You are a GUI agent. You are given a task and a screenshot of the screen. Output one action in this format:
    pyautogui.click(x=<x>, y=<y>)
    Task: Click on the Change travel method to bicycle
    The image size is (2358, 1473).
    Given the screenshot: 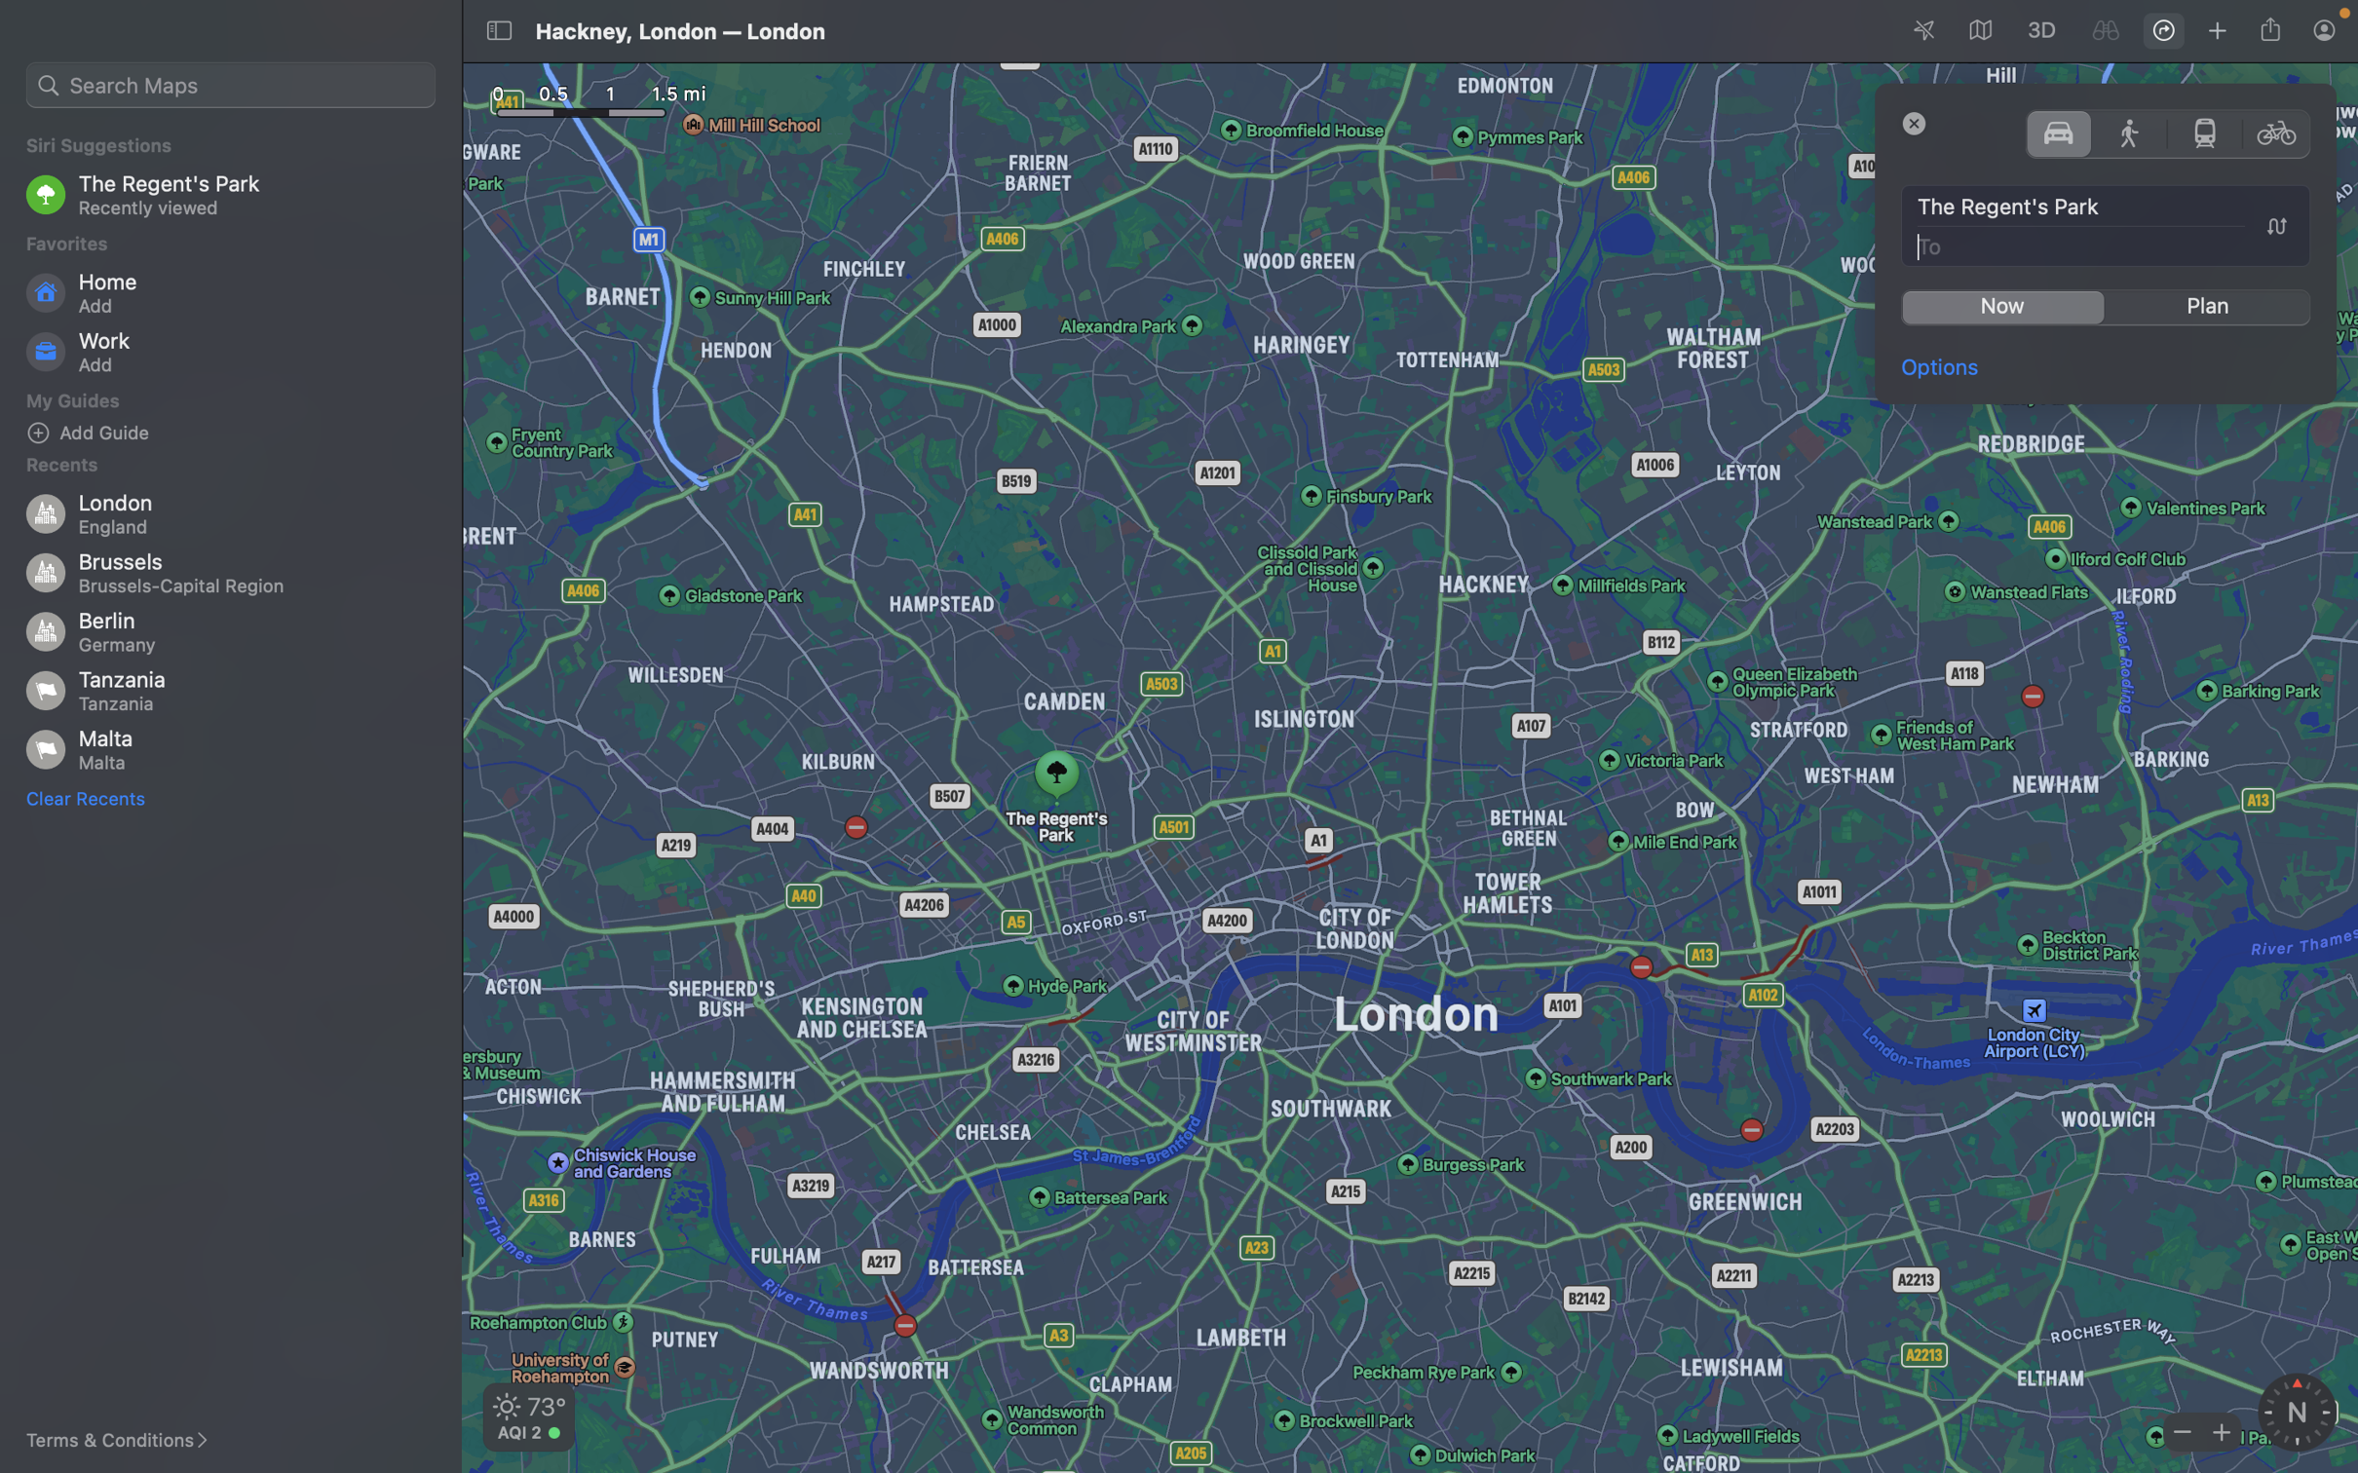 What is the action you would take?
    pyautogui.click(x=2278, y=132)
    